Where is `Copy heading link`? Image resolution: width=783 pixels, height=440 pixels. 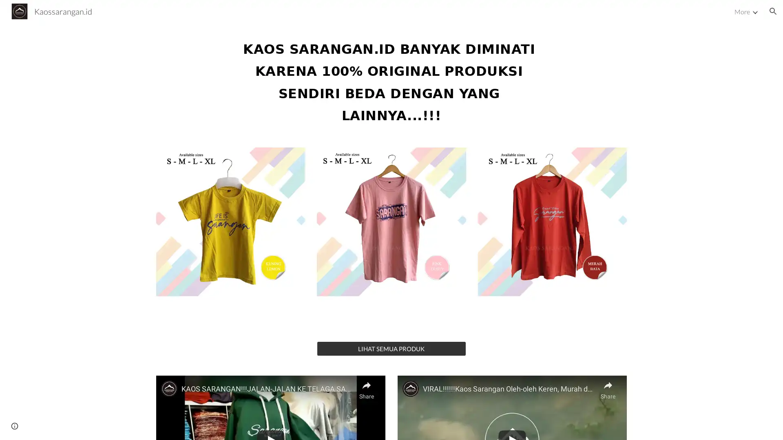 Copy heading link is located at coordinates (552, 80).